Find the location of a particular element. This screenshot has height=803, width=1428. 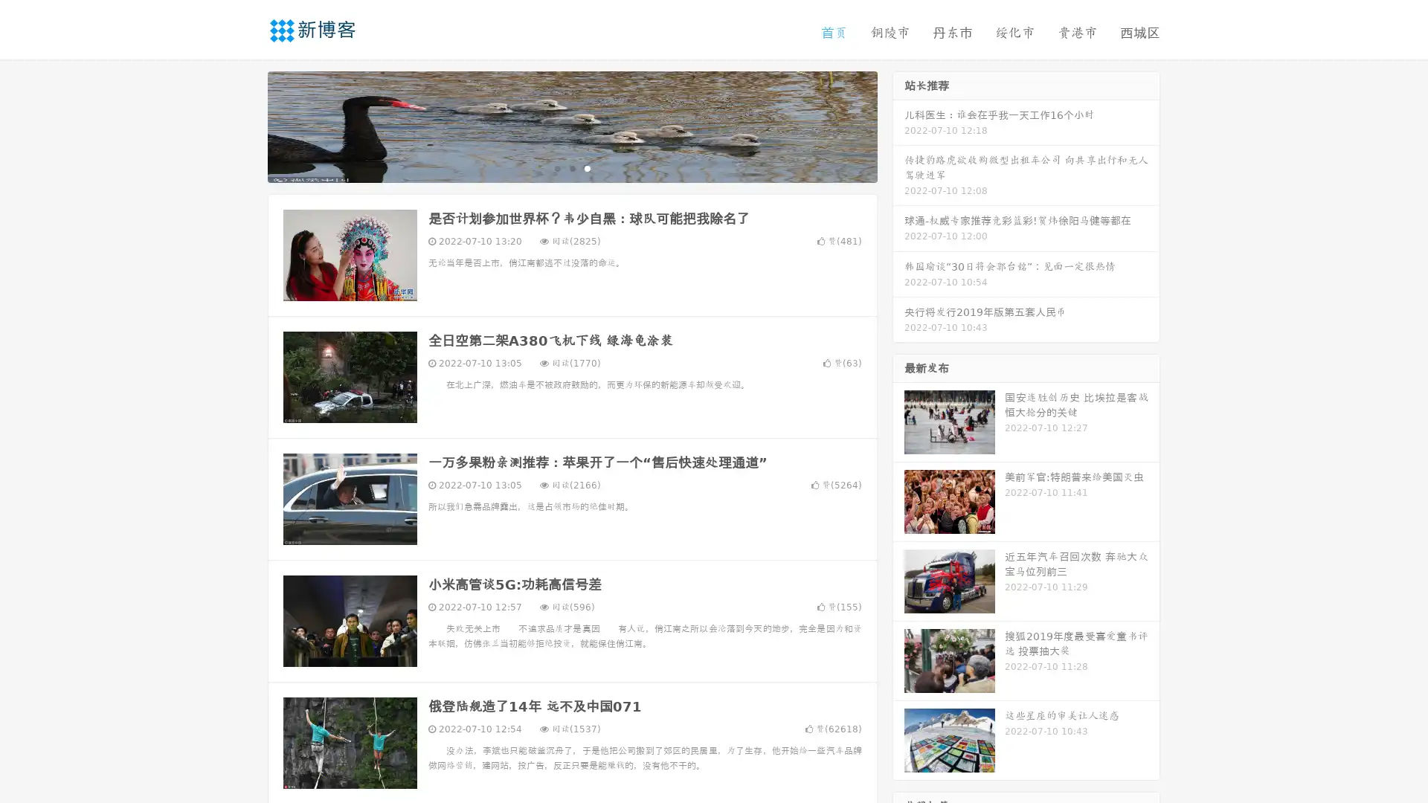

Go to slide 1 is located at coordinates (556, 167).